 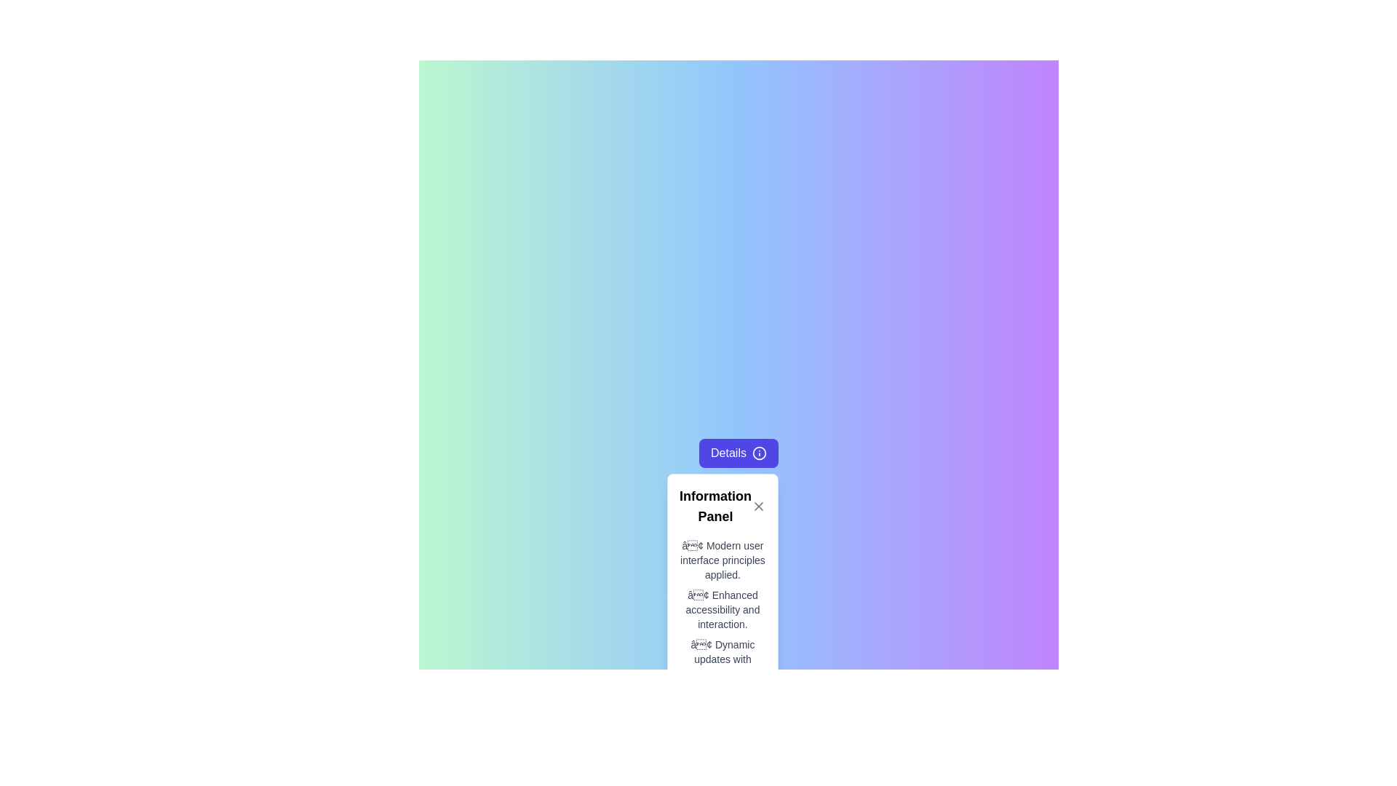 I want to click on the button labeled 'Details' which contains an icon shaped like an encircled lowercase 'i' to its right, so click(x=758, y=453).